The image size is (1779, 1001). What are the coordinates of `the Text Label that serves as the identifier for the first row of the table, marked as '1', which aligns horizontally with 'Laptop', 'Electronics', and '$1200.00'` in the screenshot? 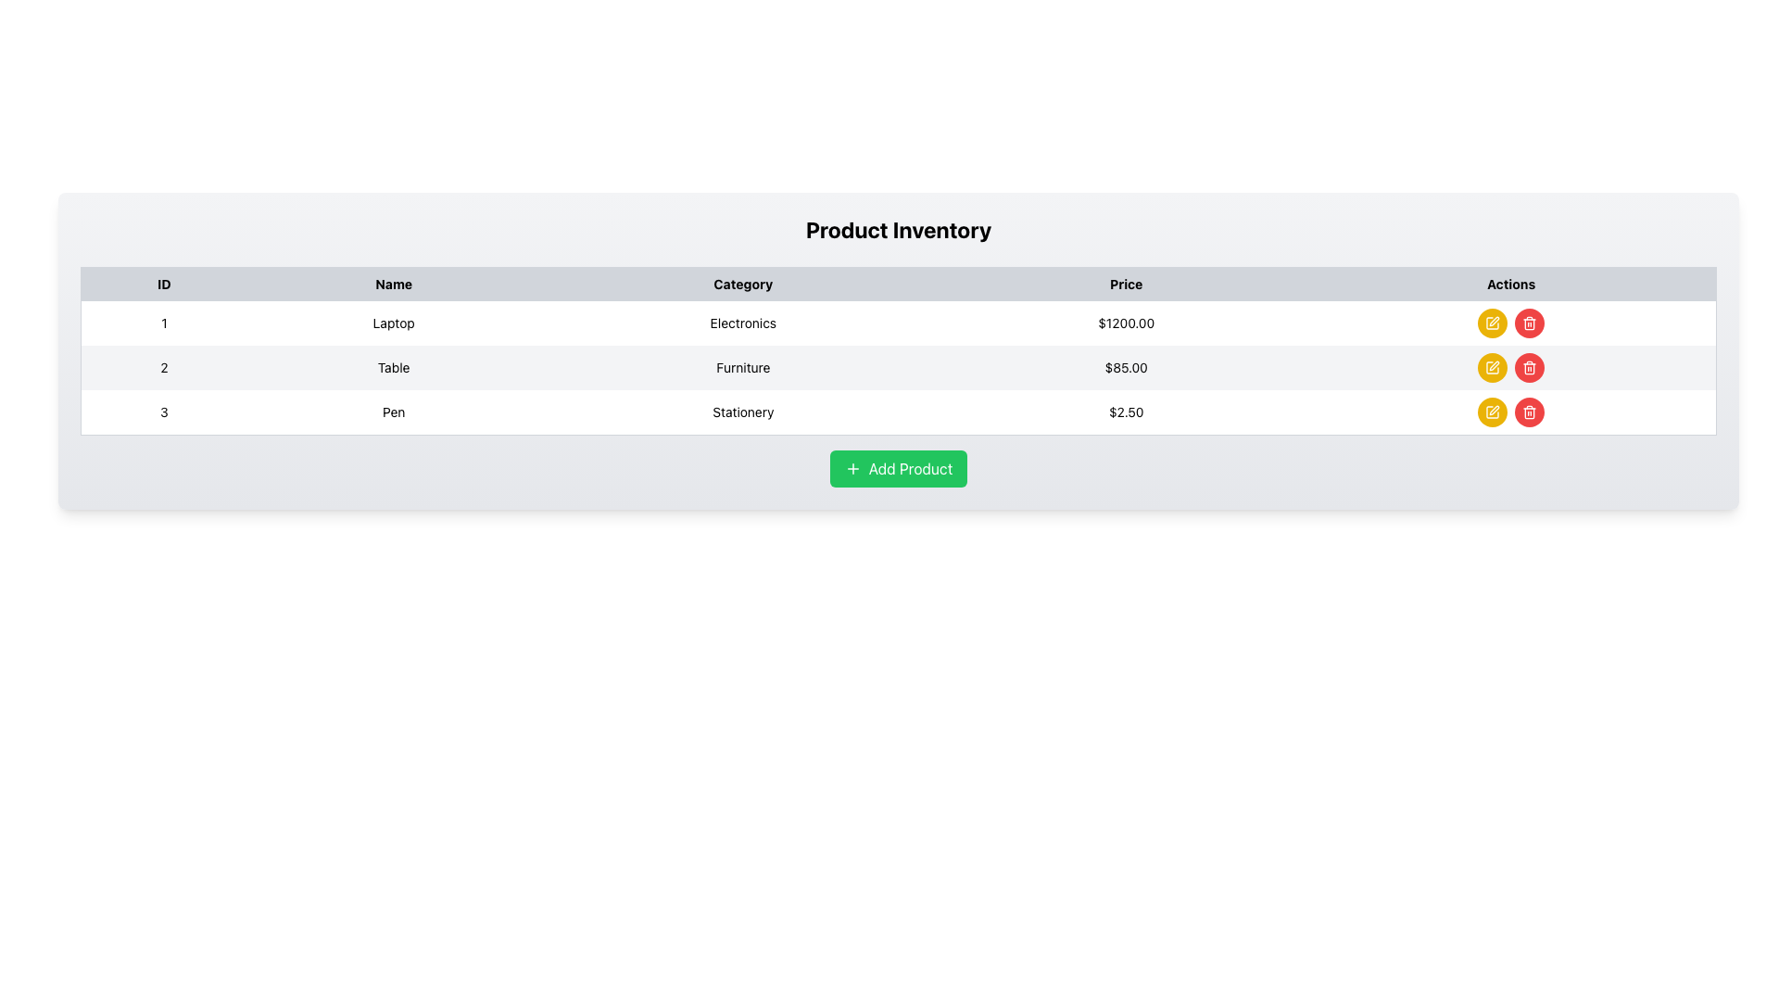 It's located at (164, 322).